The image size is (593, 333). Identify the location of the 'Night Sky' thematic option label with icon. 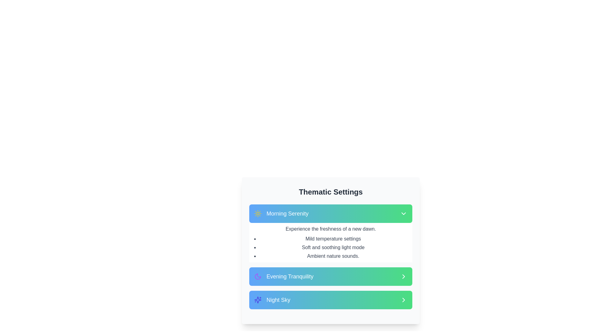
(272, 299).